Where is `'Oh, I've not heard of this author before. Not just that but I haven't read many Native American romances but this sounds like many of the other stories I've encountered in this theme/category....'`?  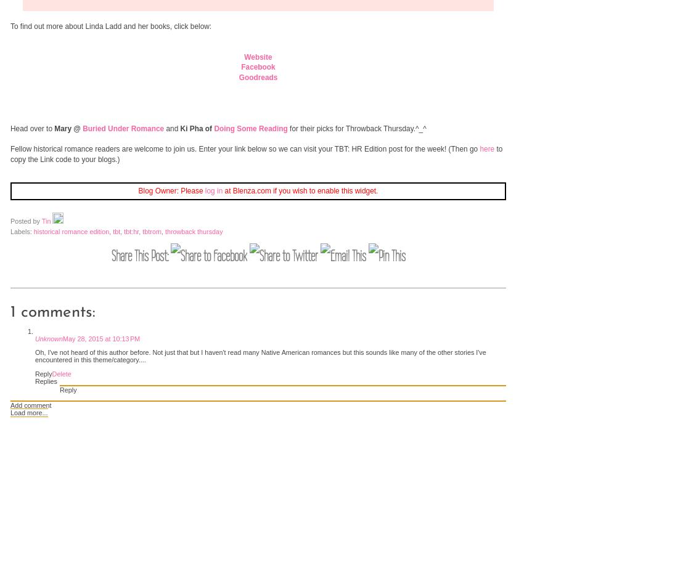 'Oh, I've not heard of this author before. Not just that but I haven't read many Native American romances but this sounds like many of the other stories I've encountered in this theme/category....' is located at coordinates (34, 355).